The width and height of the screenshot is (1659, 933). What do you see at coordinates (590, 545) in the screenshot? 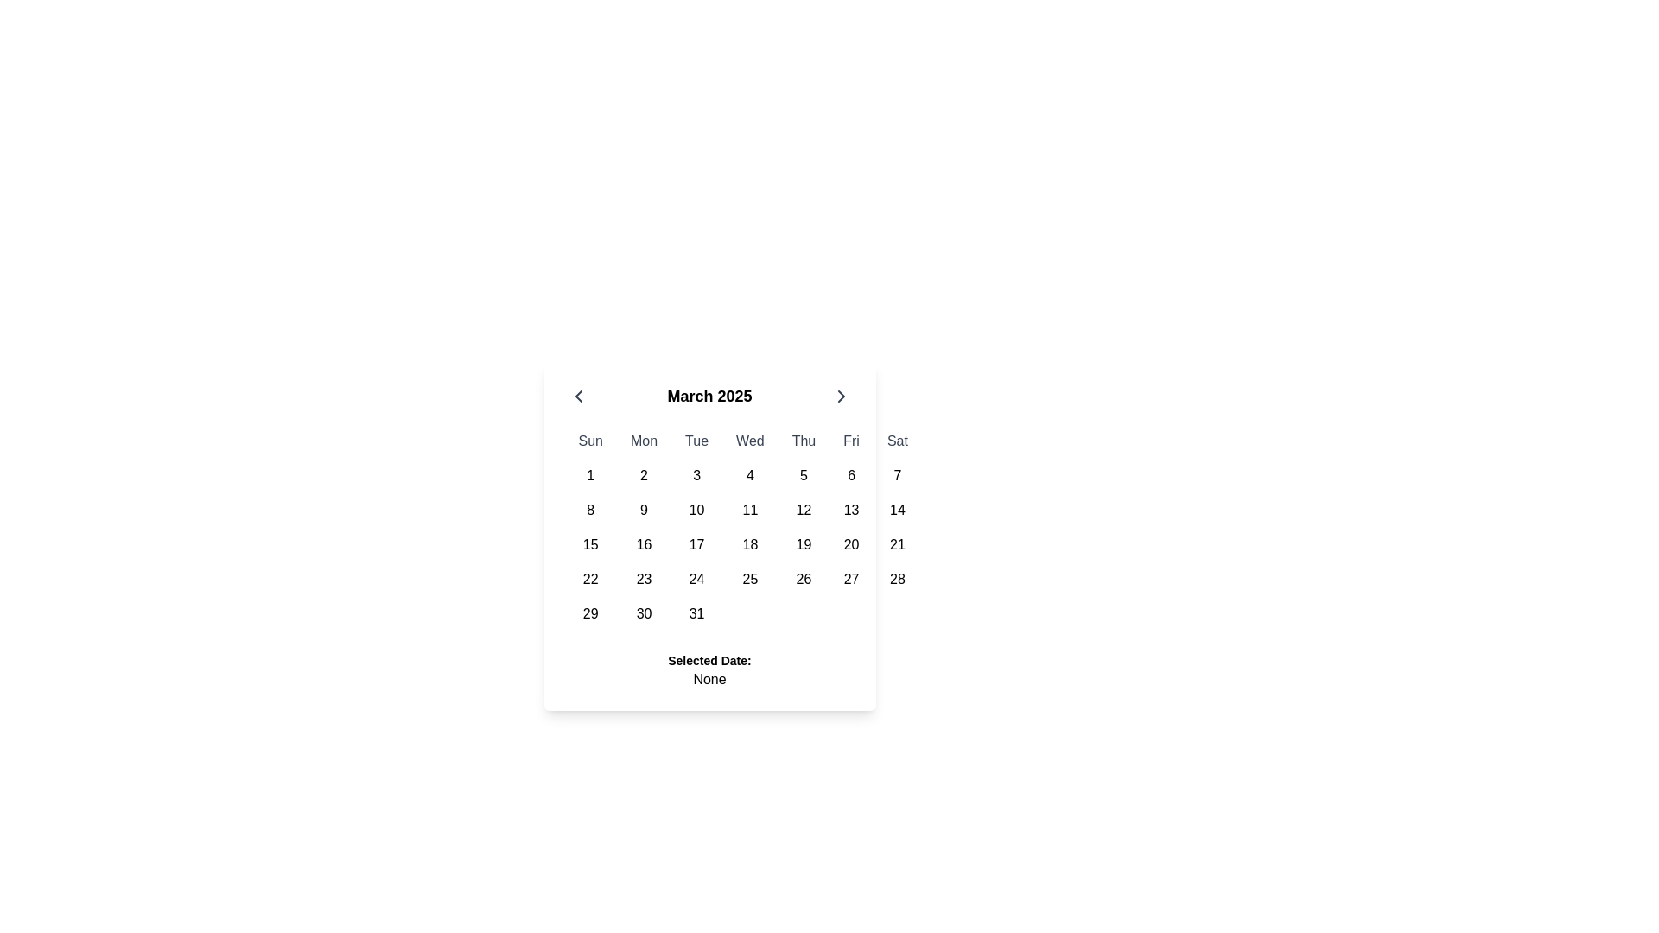
I see `the text label representing the calendar date '15' in the March 2025 calendar grid, which is non-interactive` at bounding box center [590, 545].